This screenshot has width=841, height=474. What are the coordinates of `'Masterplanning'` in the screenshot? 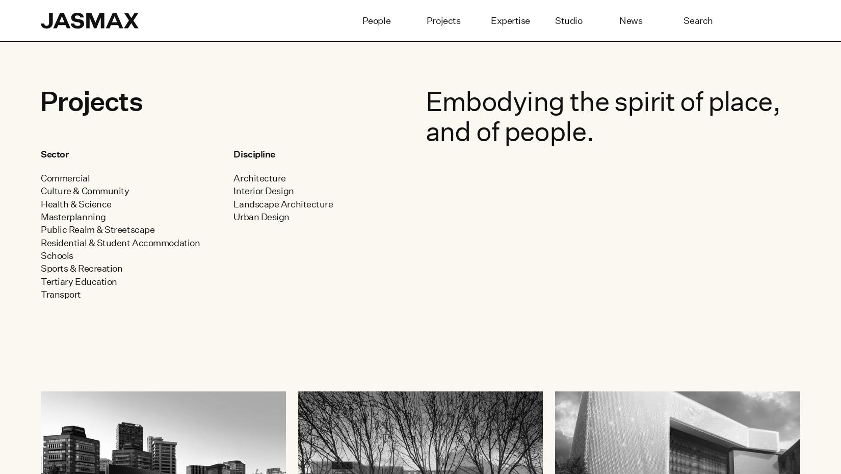 It's located at (73, 217).